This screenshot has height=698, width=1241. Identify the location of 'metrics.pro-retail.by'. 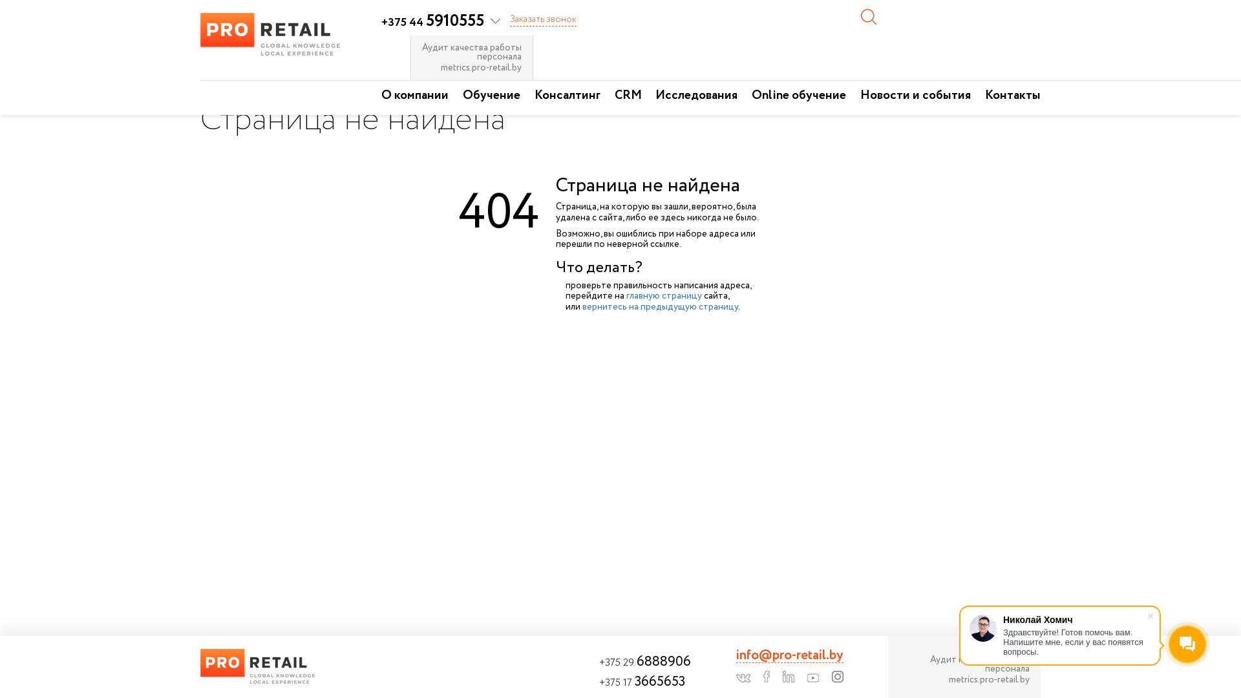
(964, 679).